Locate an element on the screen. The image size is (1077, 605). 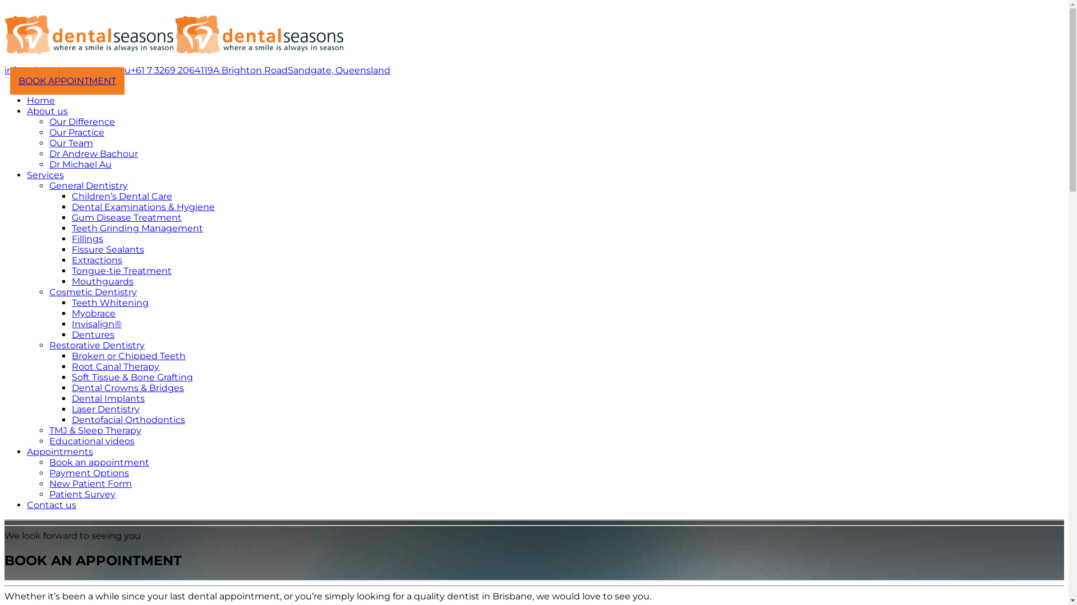
'Dr Michael Au' is located at coordinates (80, 164).